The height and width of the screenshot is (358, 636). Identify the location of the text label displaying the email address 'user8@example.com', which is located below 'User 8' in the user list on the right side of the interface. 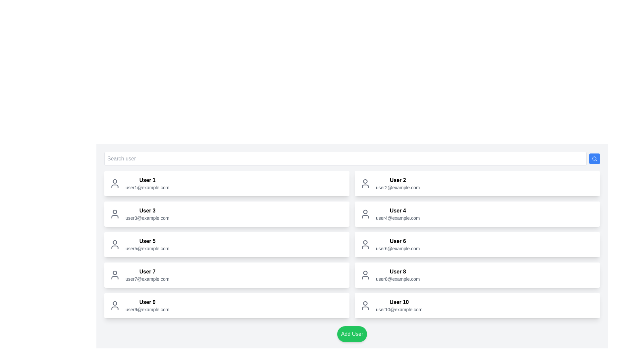
(397, 279).